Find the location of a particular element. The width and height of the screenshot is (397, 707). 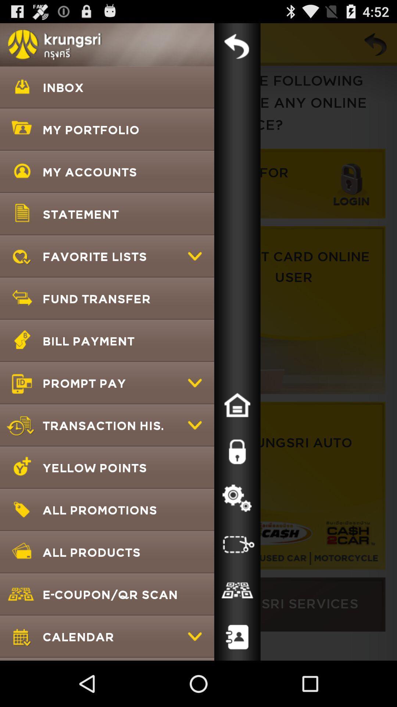

the lock icon is located at coordinates (237, 483).